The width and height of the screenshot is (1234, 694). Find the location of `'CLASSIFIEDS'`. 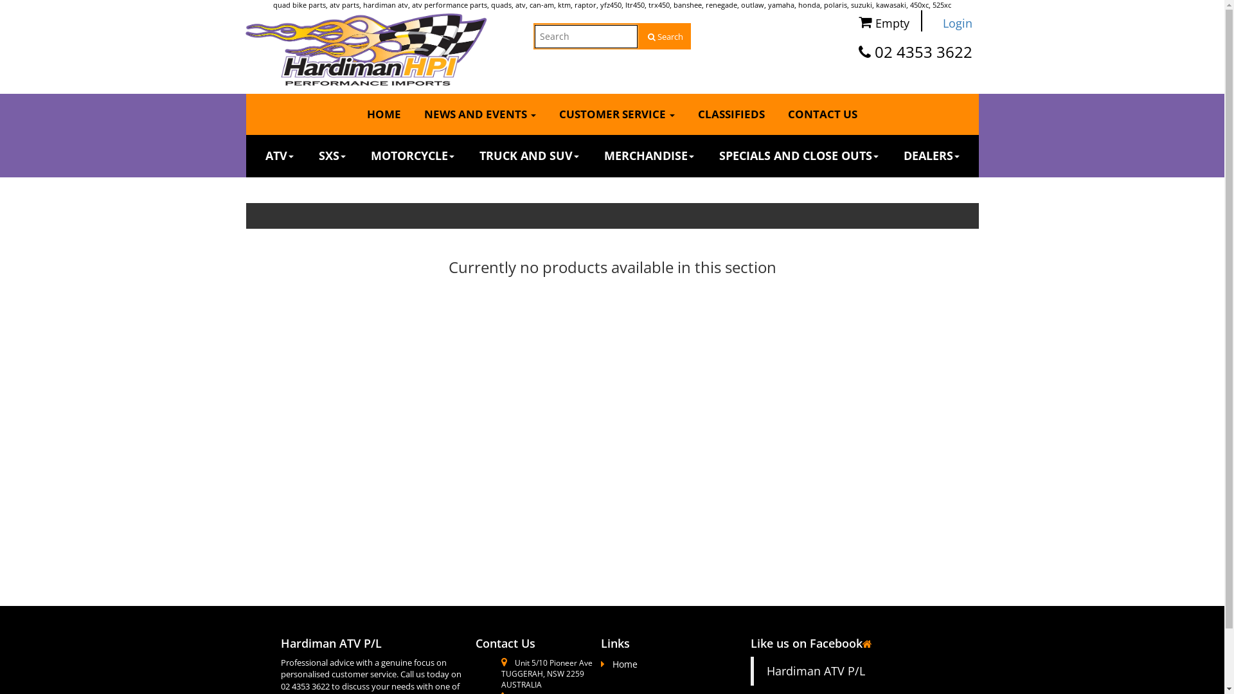

'CLASSIFIEDS' is located at coordinates (686, 113).